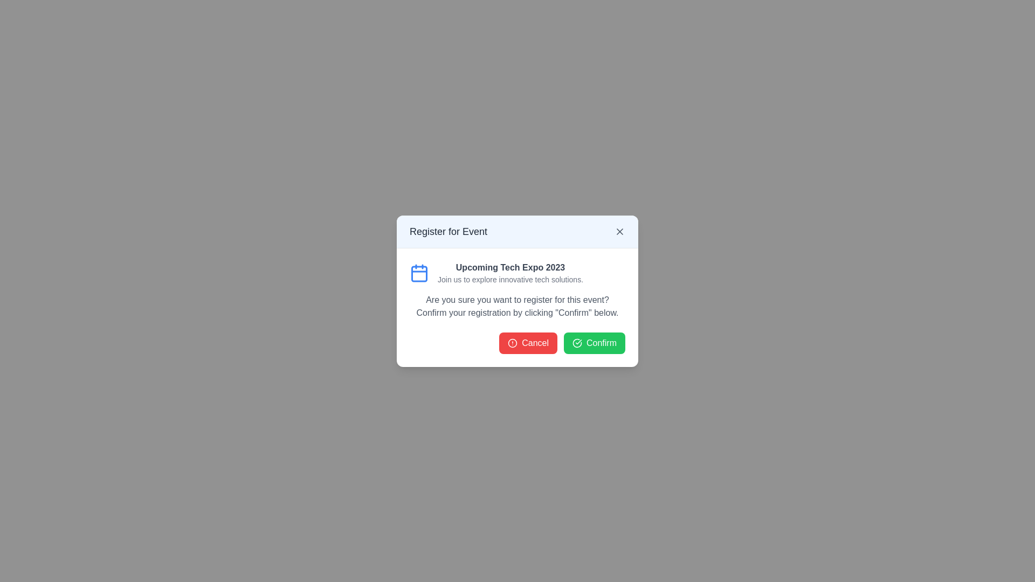 This screenshot has height=582, width=1035. Describe the element at coordinates (509, 279) in the screenshot. I see `the non-interactive text label providing information about the 'Upcoming Tech Expo 2023' located in the modal dialog box` at that location.